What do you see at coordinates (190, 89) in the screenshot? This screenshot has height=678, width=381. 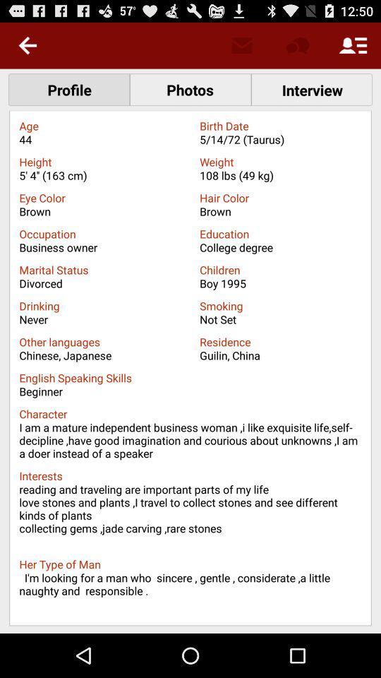 I see `the text which says photos which is right side of the text profile` at bounding box center [190, 89].